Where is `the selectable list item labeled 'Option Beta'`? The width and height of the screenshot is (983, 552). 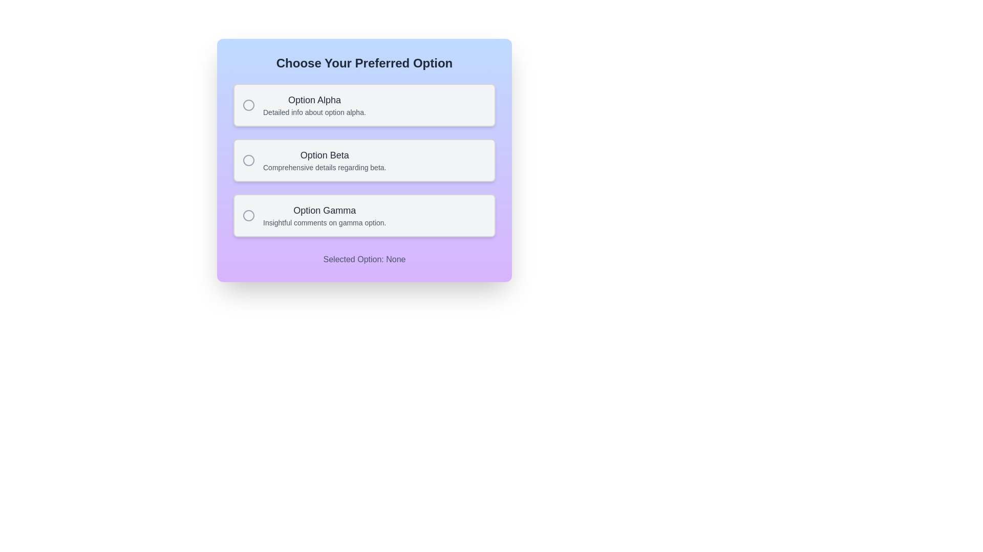
the selectable list item labeled 'Option Beta' is located at coordinates (364, 160).